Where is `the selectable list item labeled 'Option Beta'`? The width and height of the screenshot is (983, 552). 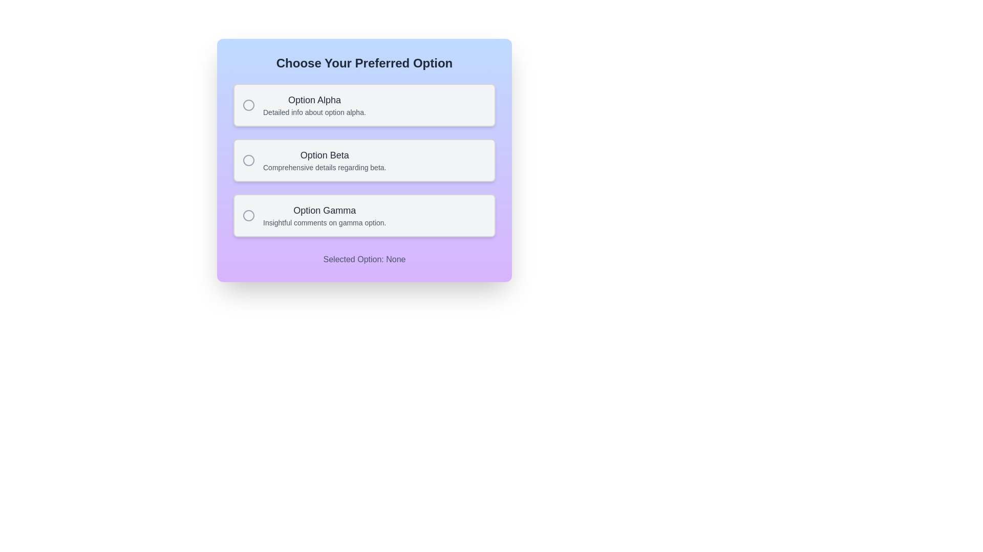
the selectable list item labeled 'Option Beta' is located at coordinates (364, 160).